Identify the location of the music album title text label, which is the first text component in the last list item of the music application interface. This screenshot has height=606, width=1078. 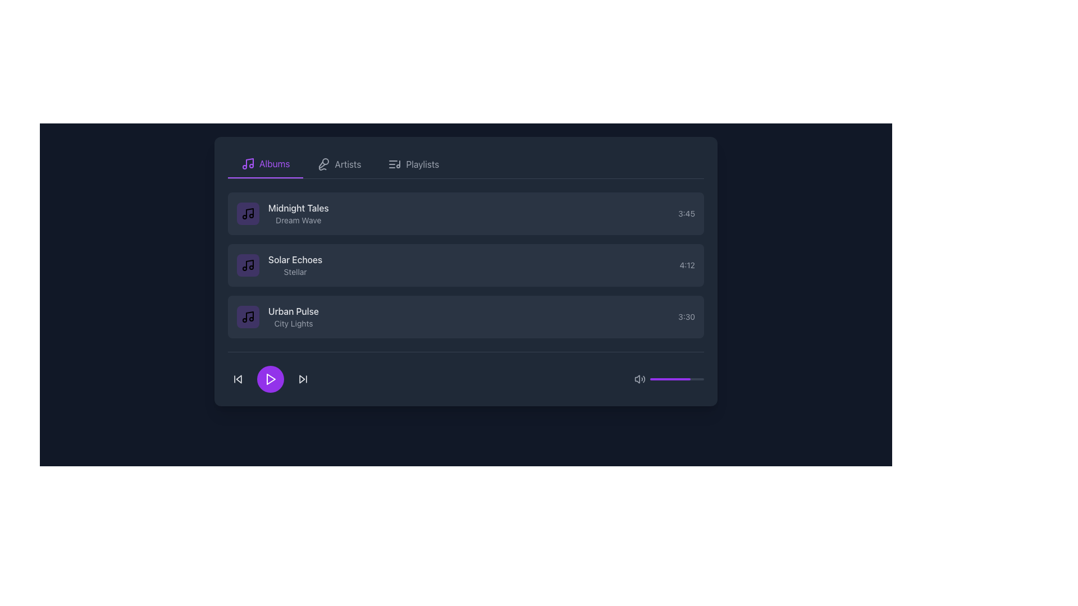
(294, 311).